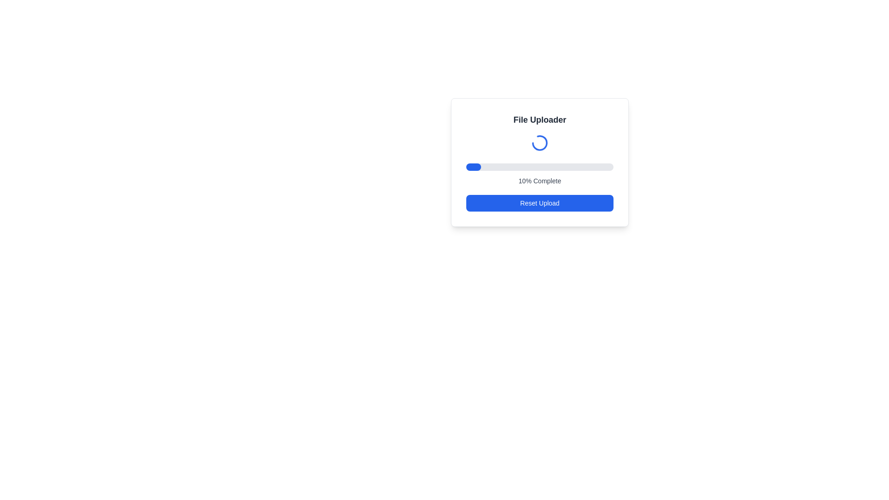 Image resolution: width=889 pixels, height=500 pixels. What do you see at coordinates (540, 203) in the screenshot?
I see `the reset/cancel button located at the bottom of the file uploader interface` at bounding box center [540, 203].